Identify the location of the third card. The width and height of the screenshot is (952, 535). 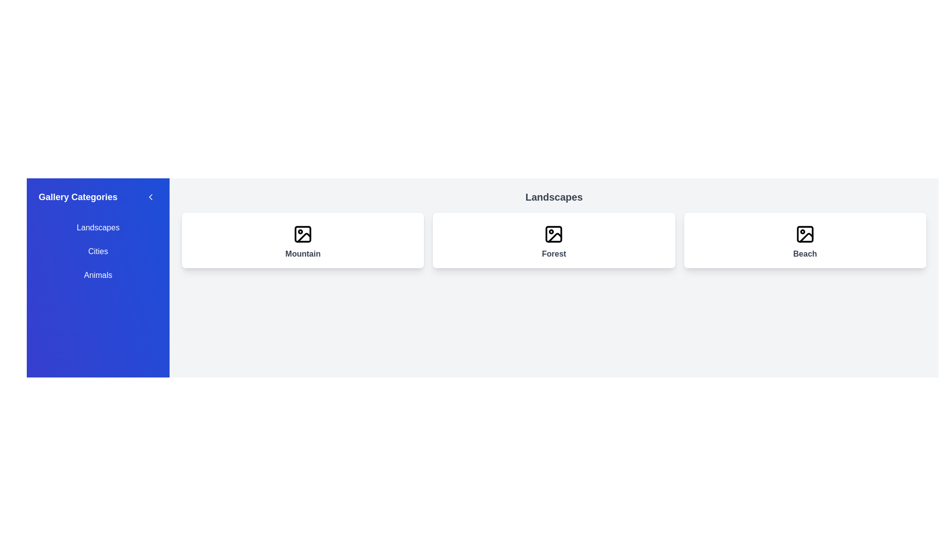
(805, 240).